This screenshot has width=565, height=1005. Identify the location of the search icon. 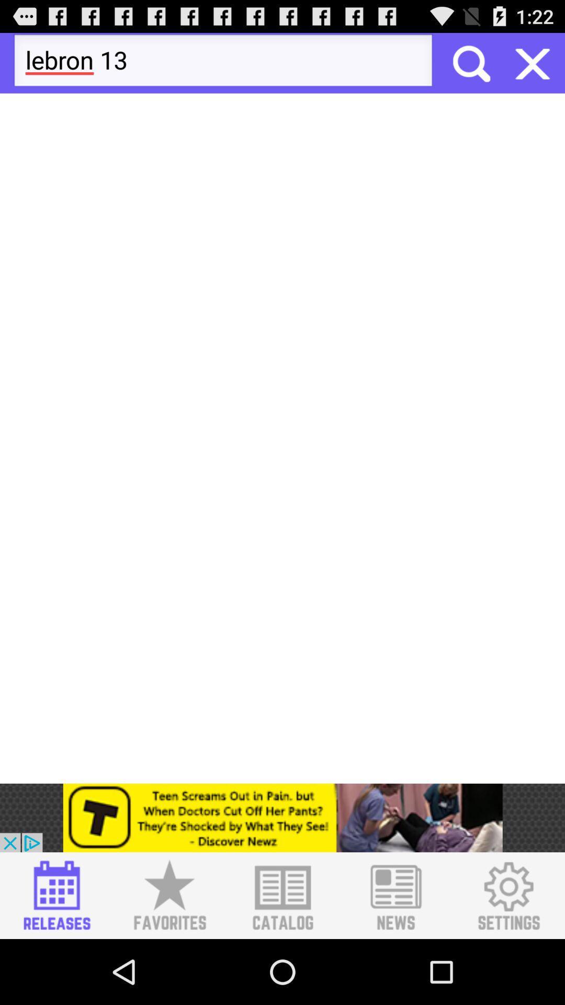
(470, 67).